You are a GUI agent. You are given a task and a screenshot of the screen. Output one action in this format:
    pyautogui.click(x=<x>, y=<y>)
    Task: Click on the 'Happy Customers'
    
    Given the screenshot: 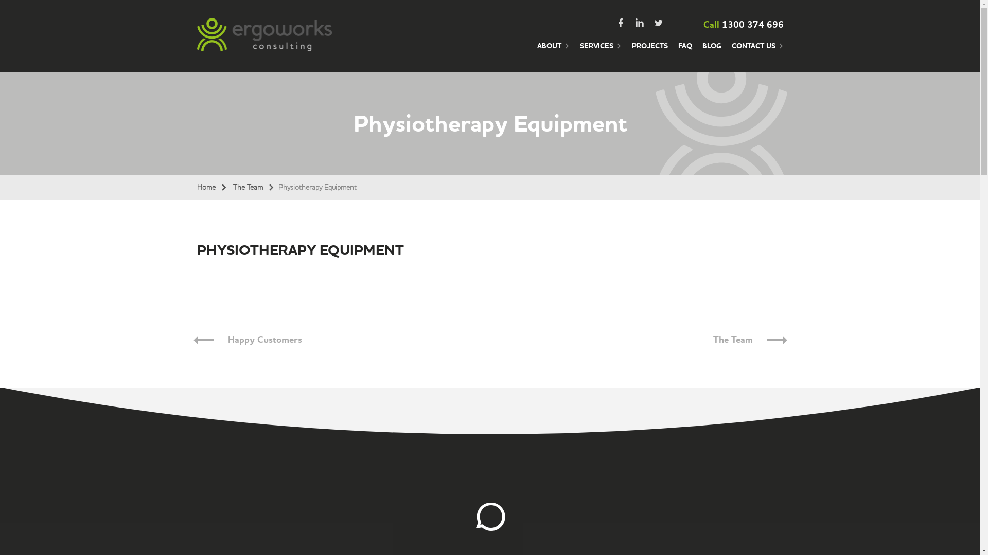 What is the action you would take?
    pyautogui.click(x=264, y=340)
    